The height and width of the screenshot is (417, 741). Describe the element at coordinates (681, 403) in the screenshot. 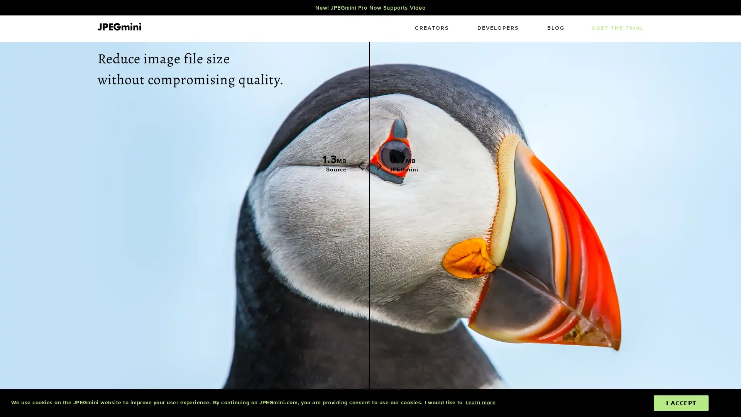

I see `dismiss cookie message` at that location.